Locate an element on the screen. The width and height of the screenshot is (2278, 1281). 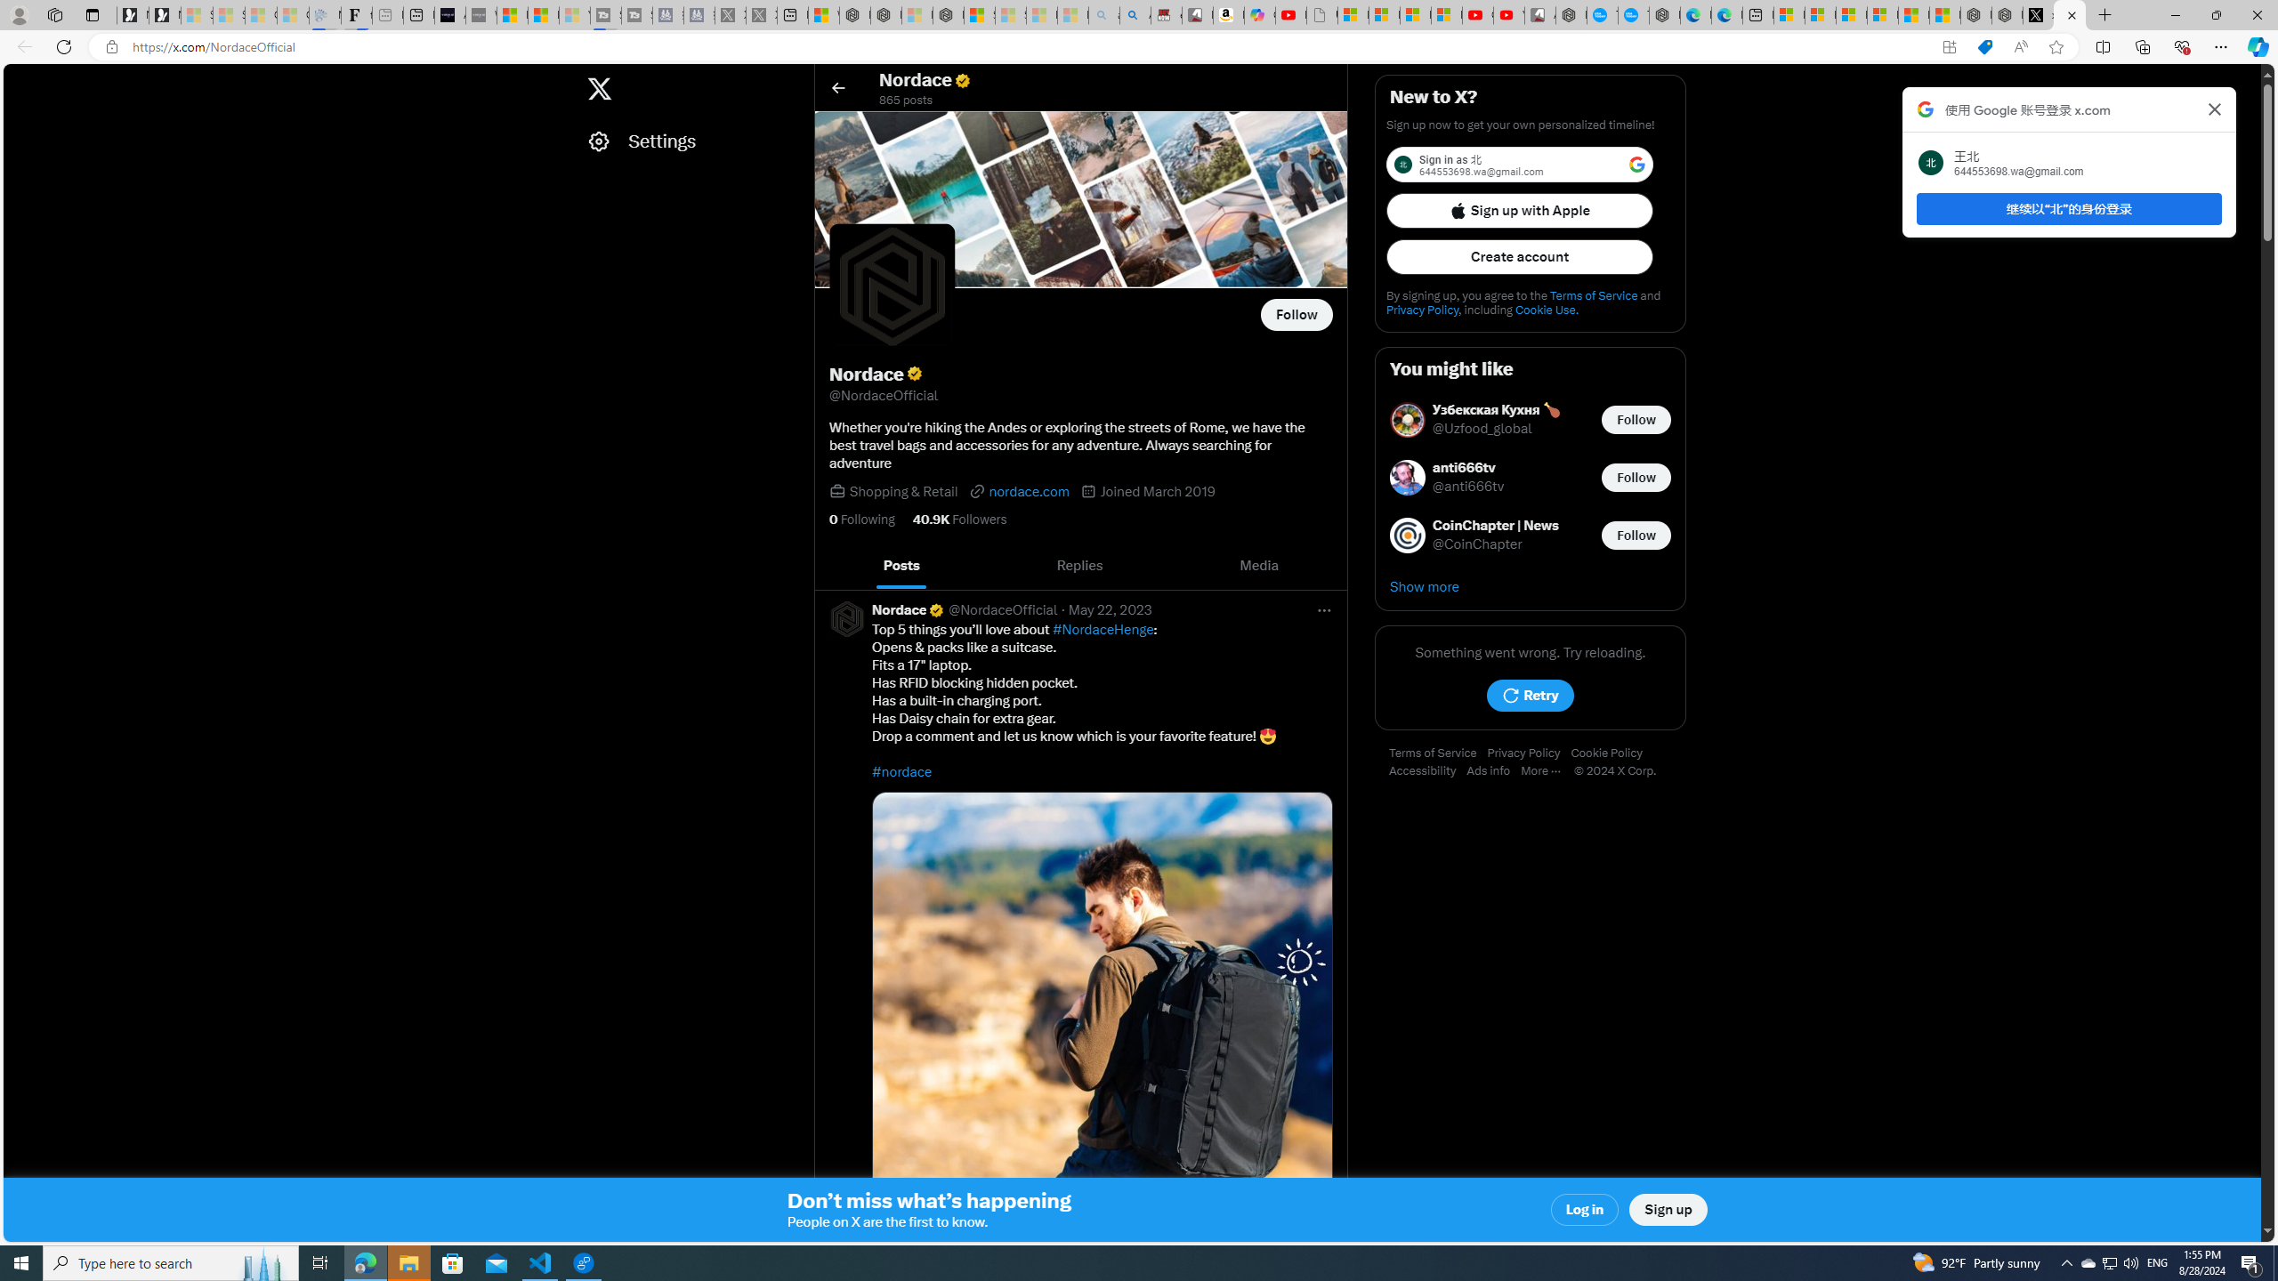
'anti666tv' is located at coordinates (1468, 468).